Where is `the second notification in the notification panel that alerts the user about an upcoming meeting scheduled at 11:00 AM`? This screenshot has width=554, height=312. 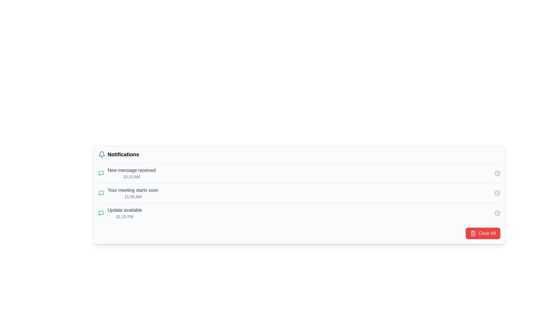
the second notification in the notification panel that alerts the user about an upcoming meeting scheduled at 11:00 AM is located at coordinates (299, 193).